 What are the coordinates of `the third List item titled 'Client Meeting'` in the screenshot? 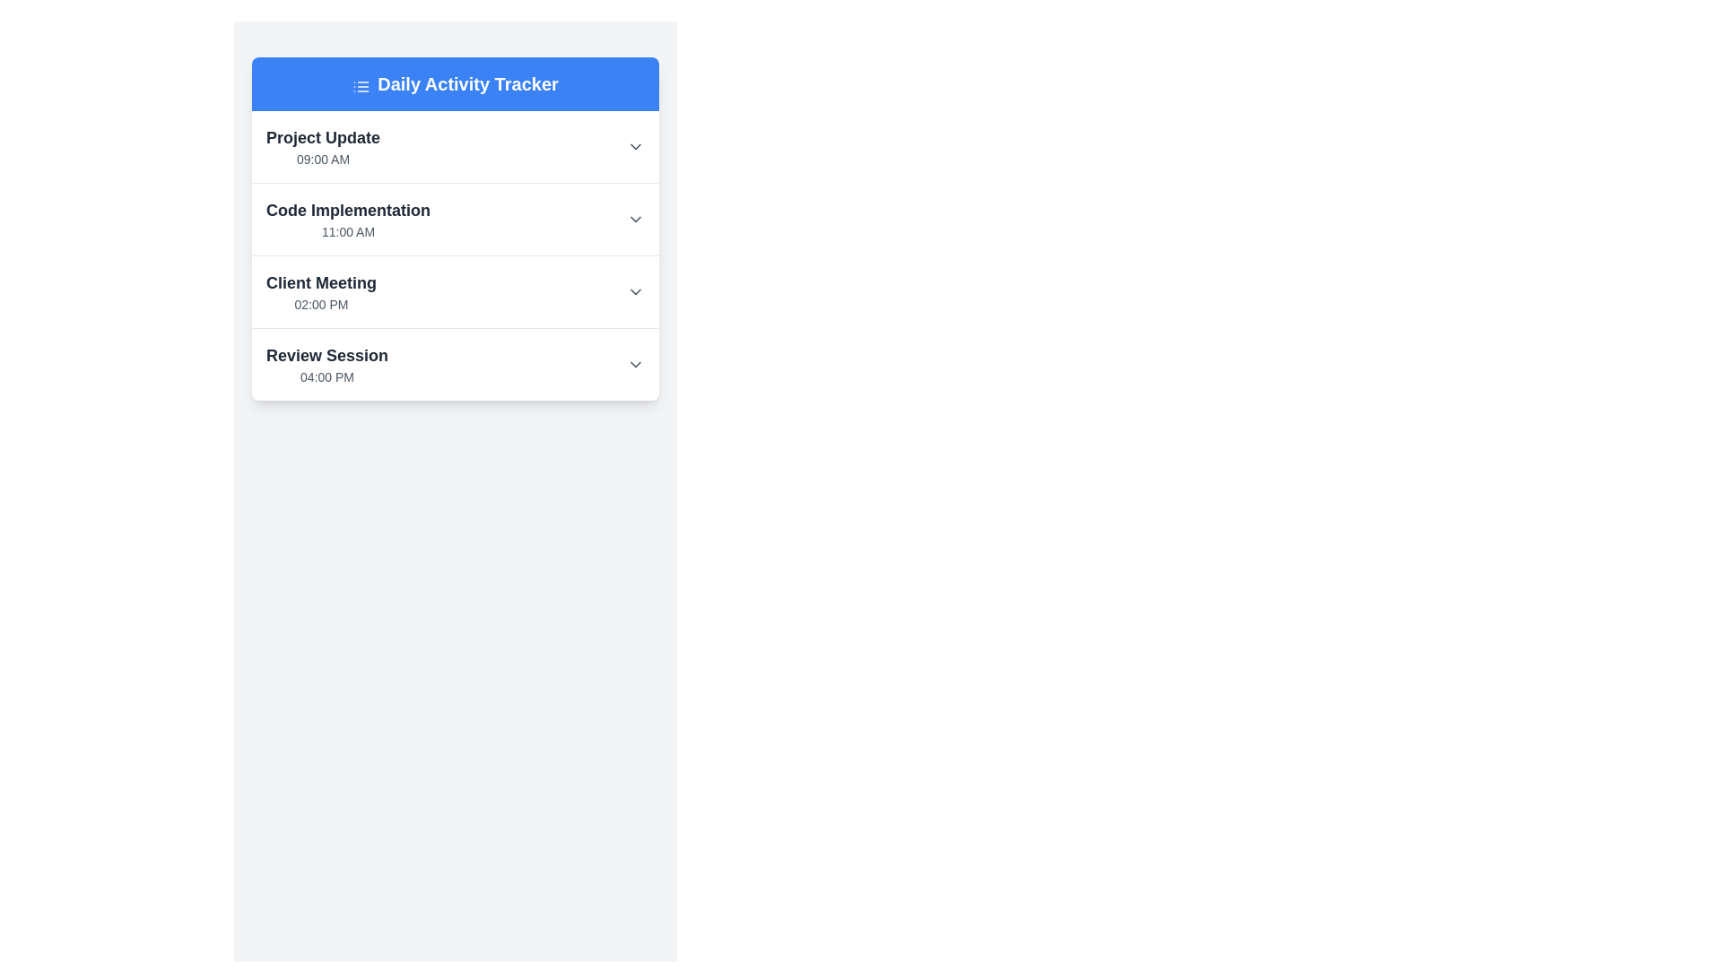 It's located at (456, 291).